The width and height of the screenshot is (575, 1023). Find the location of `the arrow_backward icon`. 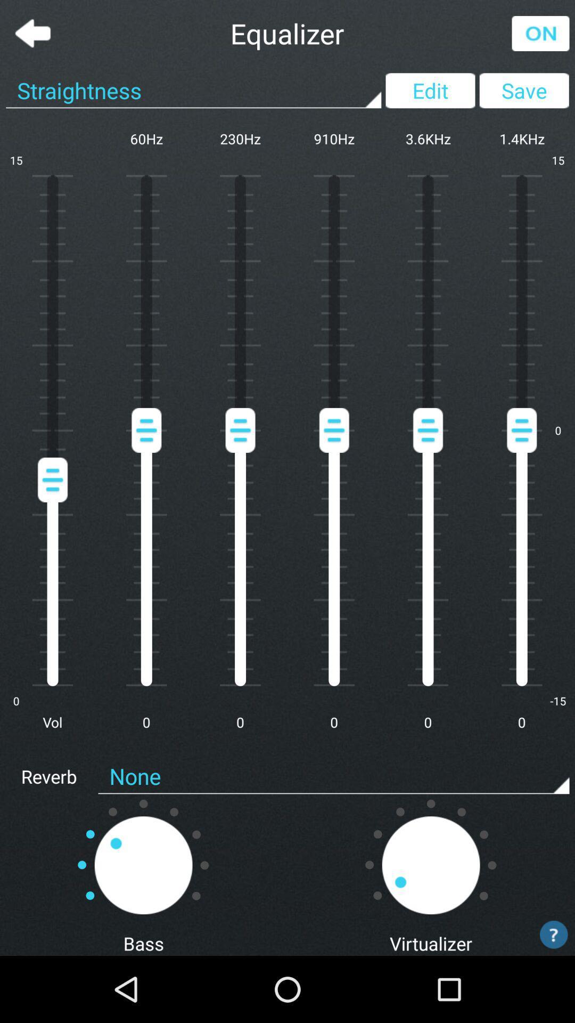

the arrow_backward icon is located at coordinates (32, 36).